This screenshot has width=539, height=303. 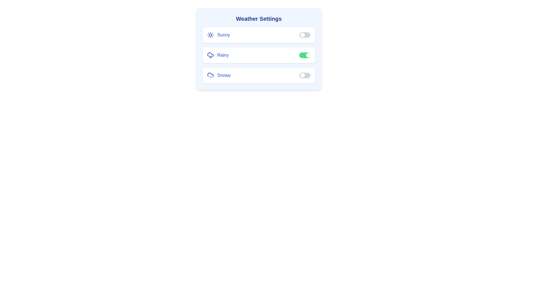 I want to click on the text label displaying 'Snowy' in a blue font located in the 'Weather Settings' section, positioned to the right of the cloud icon and left of a toggle switch, so click(x=223, y=75).